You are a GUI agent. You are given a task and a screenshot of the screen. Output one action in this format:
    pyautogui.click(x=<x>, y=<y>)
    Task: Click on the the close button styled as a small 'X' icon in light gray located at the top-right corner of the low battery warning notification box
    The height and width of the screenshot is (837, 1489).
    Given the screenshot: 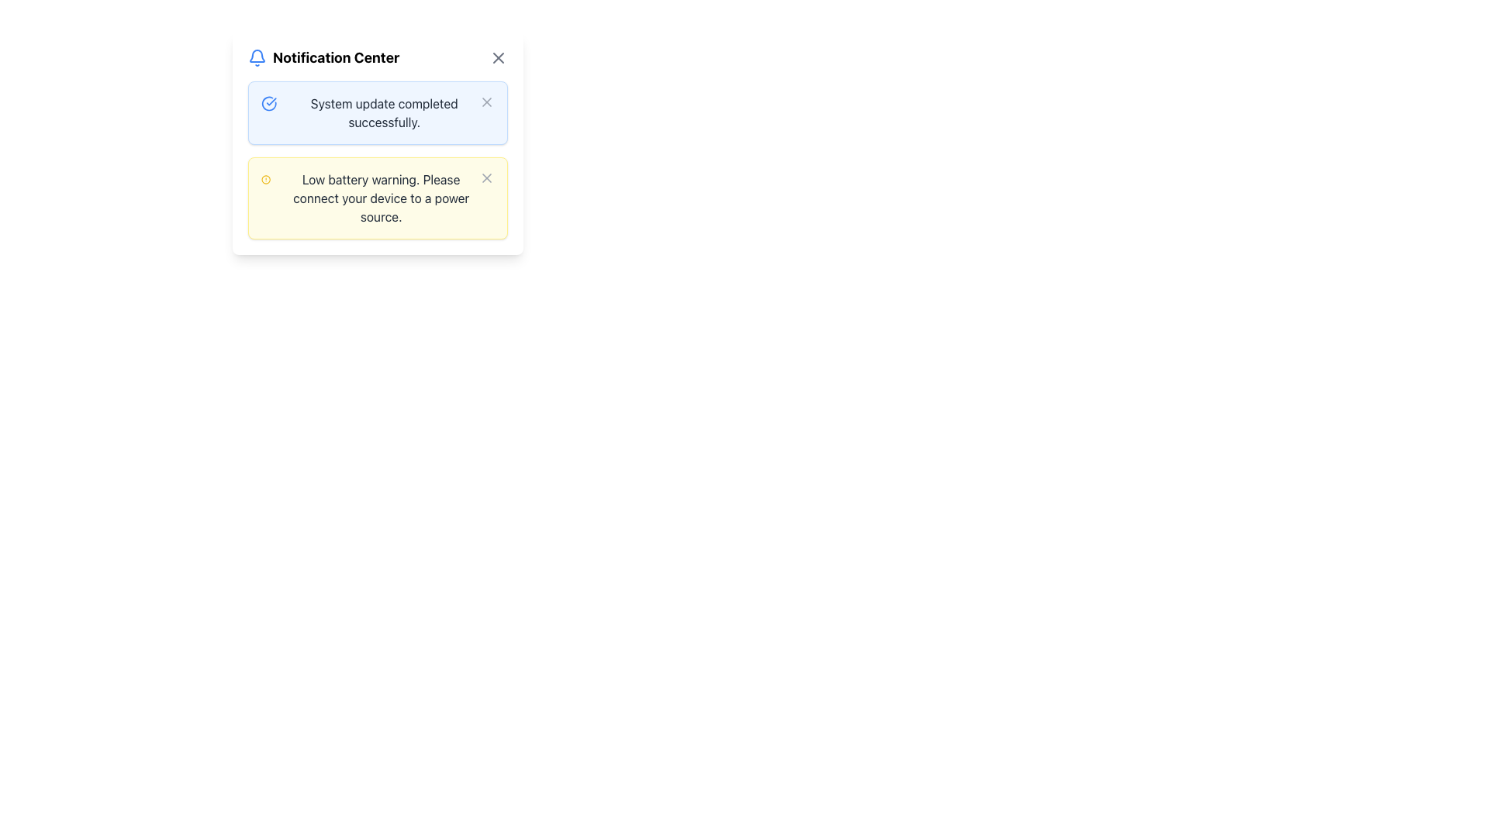 What is the action you would take?
    pyautogui.click(x=486, y=177)
    